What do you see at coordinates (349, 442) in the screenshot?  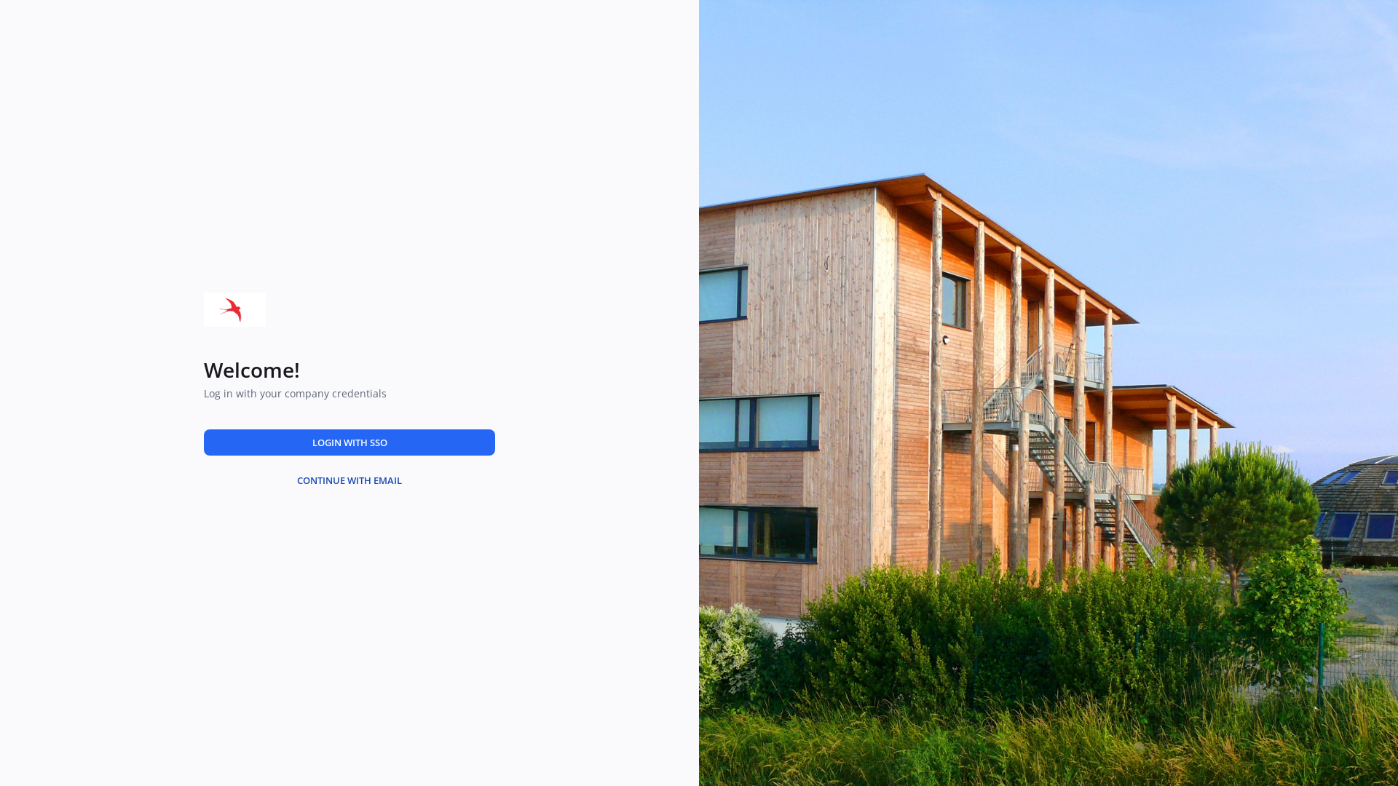 I see `'LOGIN WITH SSO'` at bounding box center [349, 442].